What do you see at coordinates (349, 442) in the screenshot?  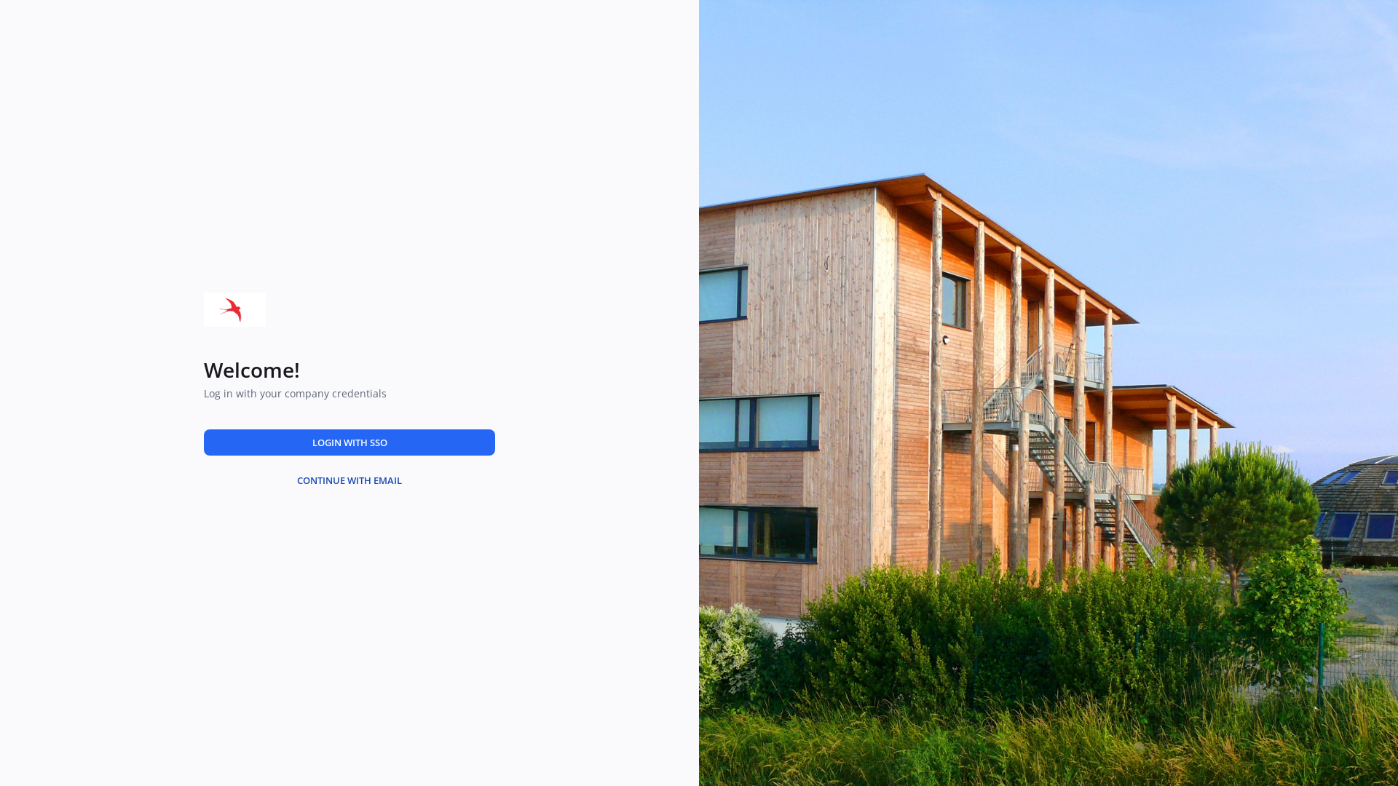 I see `'LOGIN WITH SSO'` at bounding box center [349, 442].